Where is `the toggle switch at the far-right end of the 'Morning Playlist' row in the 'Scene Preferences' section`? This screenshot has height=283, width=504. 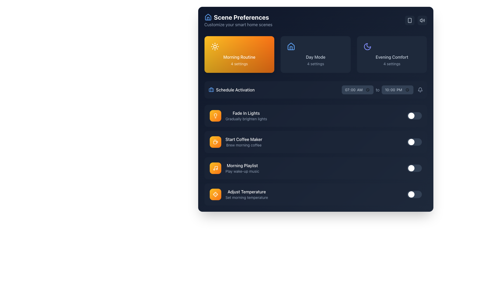
the toggle switch at the far-right end of the 'Morning Playlist' row in the 'Scene Preferences' section is located at coordinates (414, 168).